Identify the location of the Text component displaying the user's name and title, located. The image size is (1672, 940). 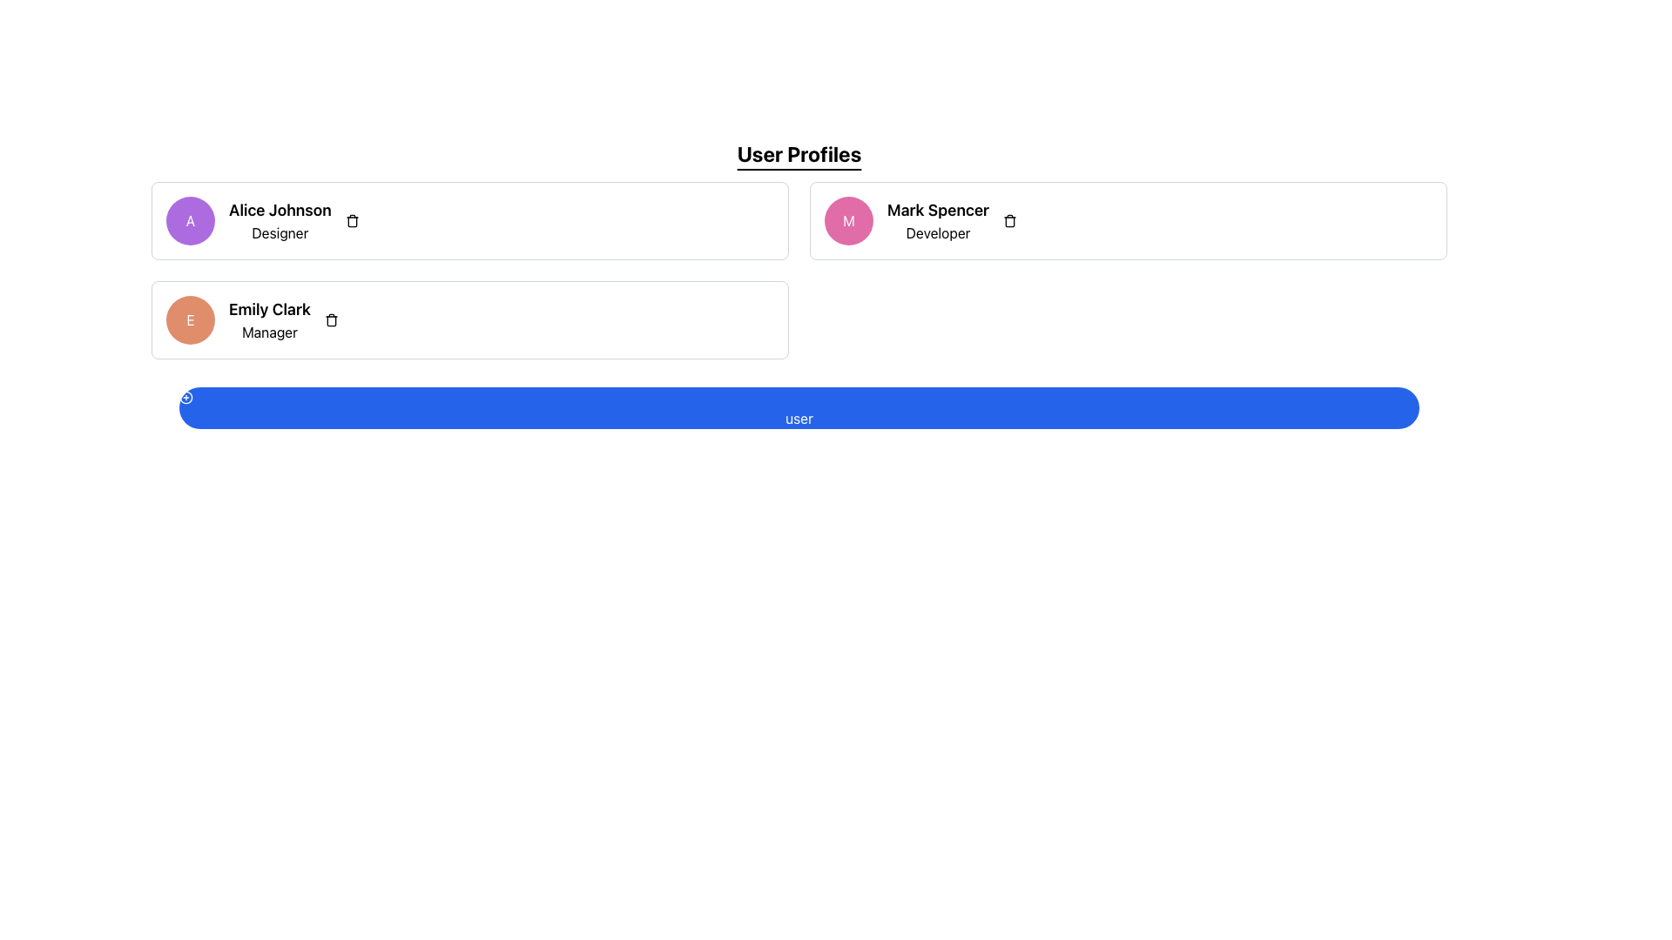
(268, 319).